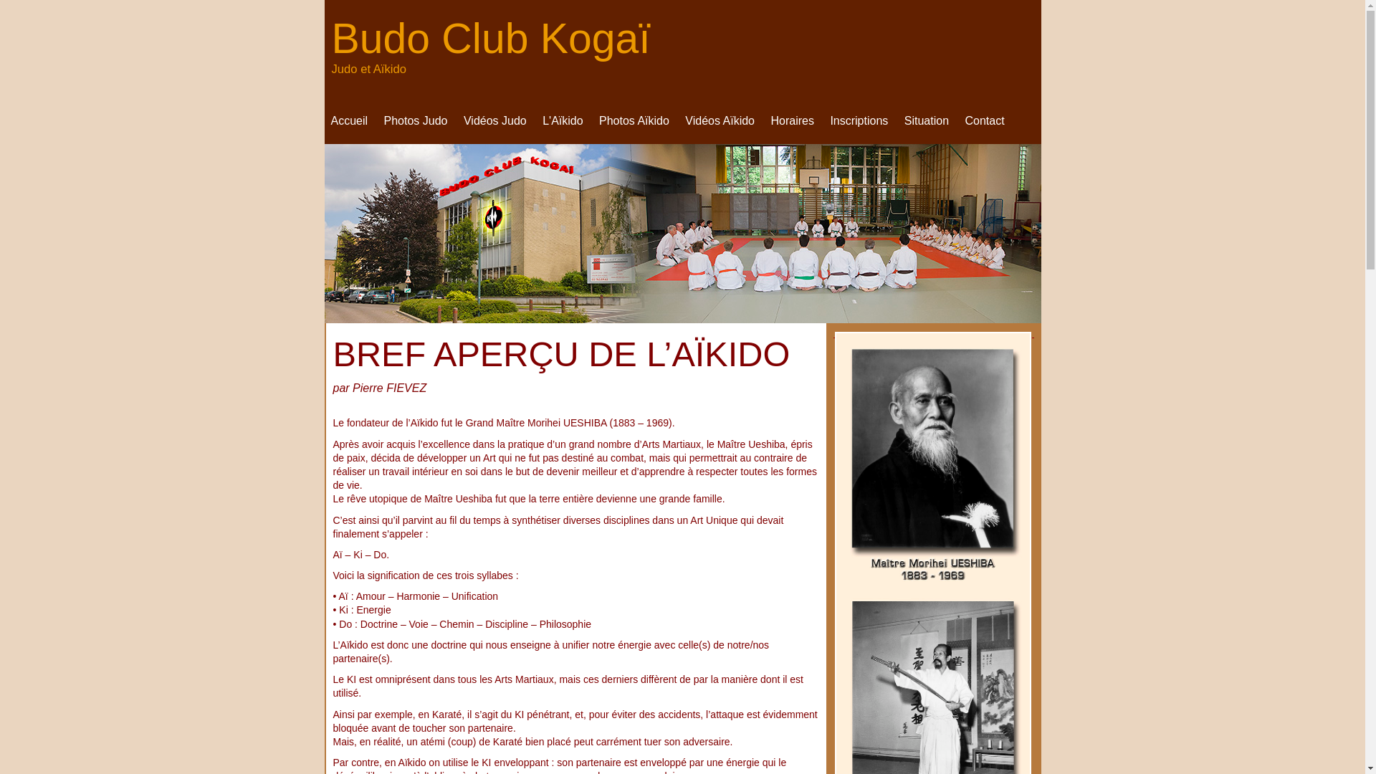  What do you see at coordinates (790, 117) in the screenshot?
I see `'Horaires'` at bounding box center [790, 117].